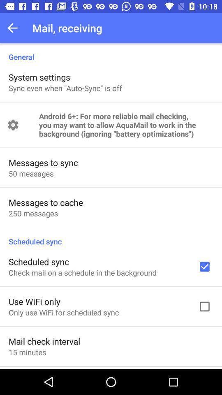  Describe the element at coordinates (33, 213) in the screenshot. I see `item above scheduled sync item` at that location.